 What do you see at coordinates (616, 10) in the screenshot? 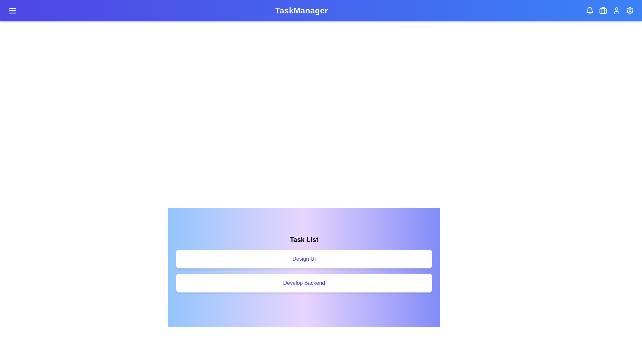
I see `the user profile header icon` at bounding box center [616, 10].